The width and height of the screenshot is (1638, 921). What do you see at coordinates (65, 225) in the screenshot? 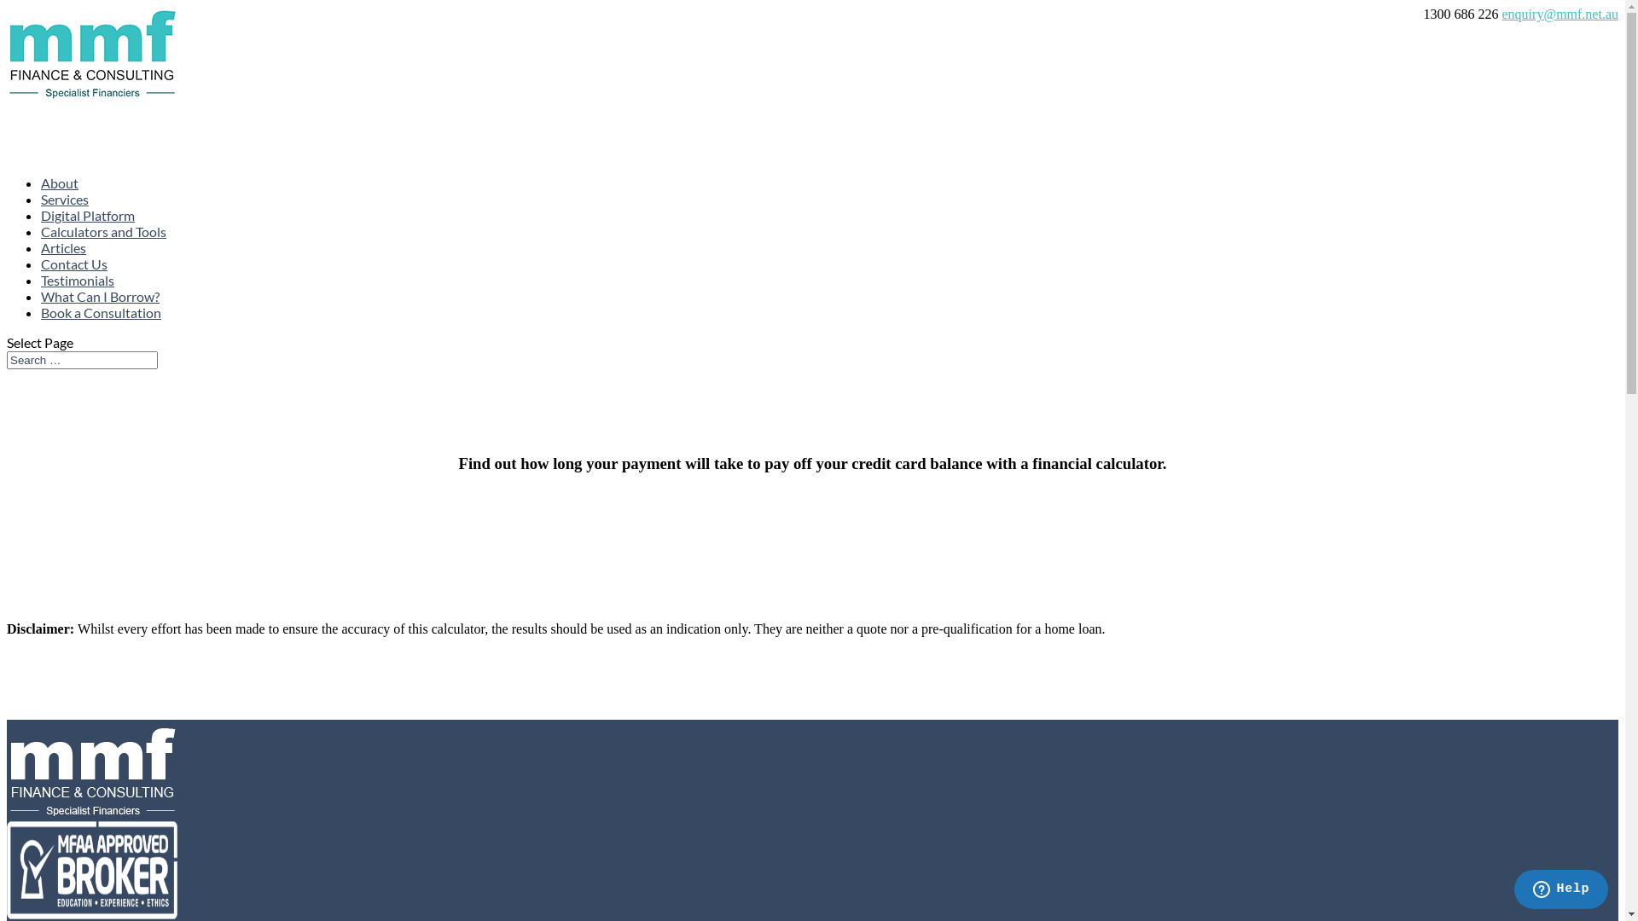
I see `'Services'` at bounding box center [65, 225].